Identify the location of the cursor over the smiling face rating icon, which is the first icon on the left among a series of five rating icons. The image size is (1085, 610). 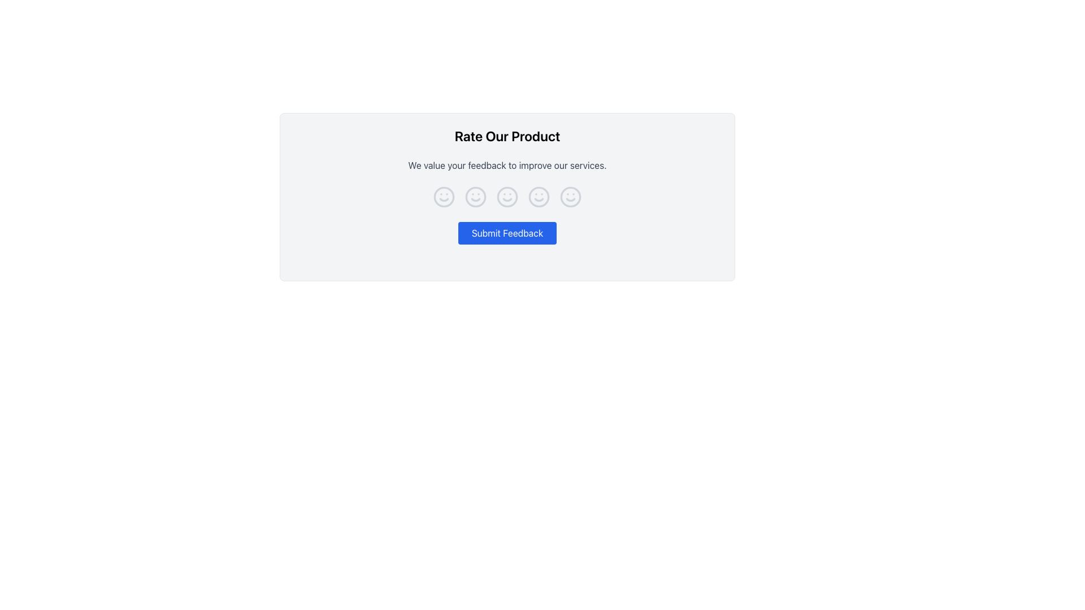
(444, 196).